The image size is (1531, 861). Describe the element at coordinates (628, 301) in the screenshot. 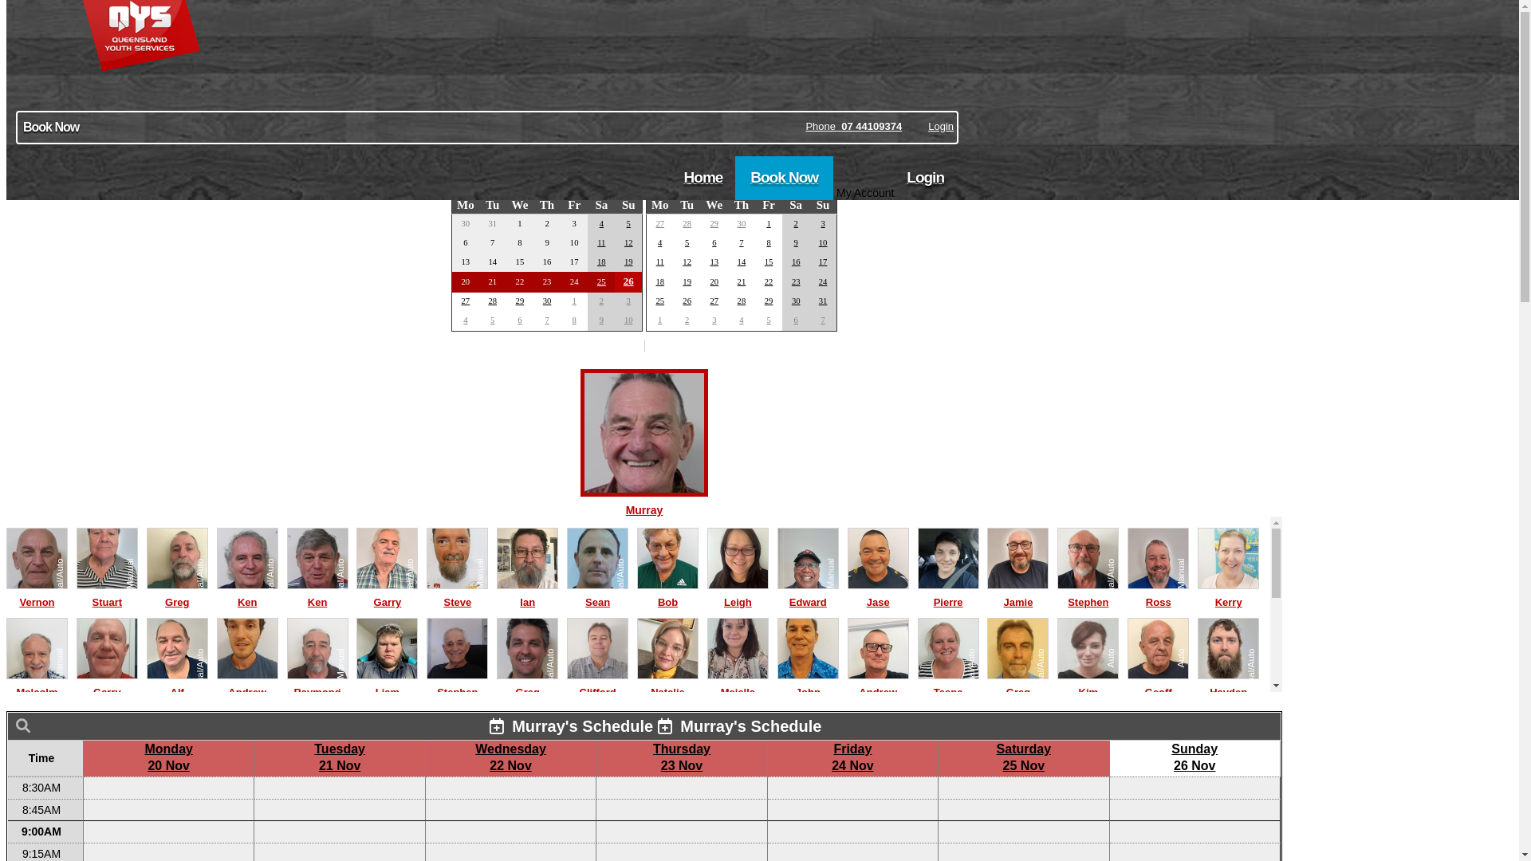

I see `'3'` at that location.